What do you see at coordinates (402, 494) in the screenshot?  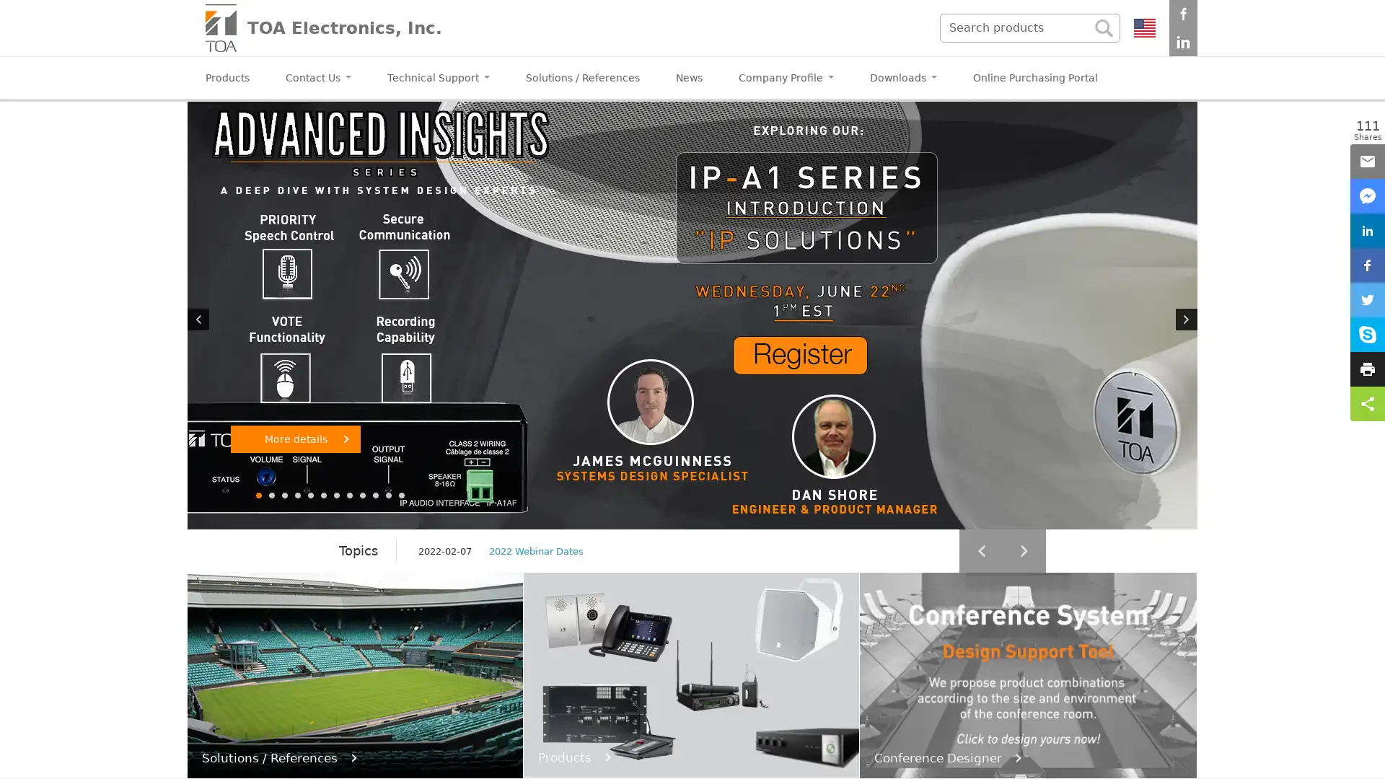 I see `12` at bounding box center [402, 494].